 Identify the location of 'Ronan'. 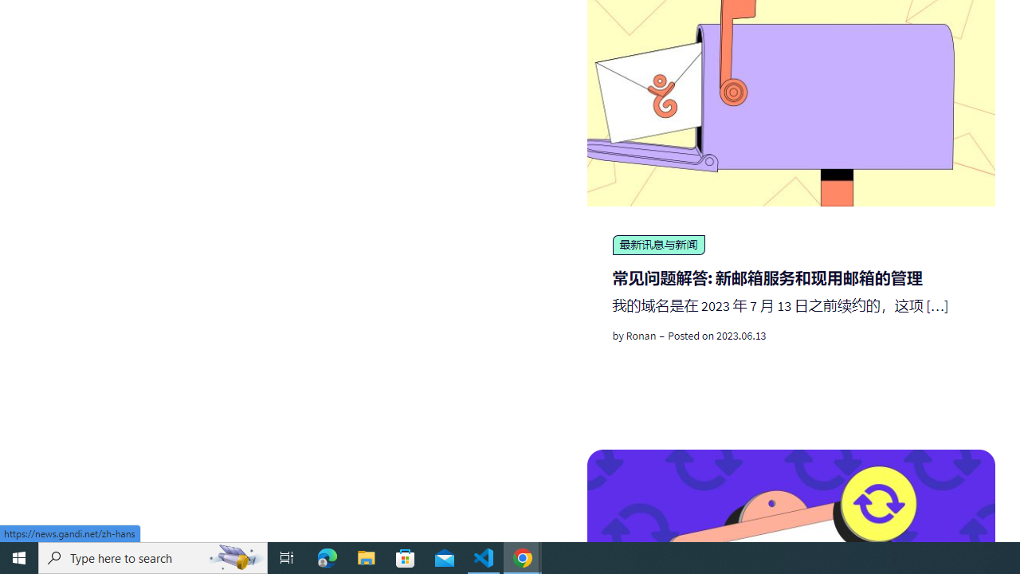
(641, 335).